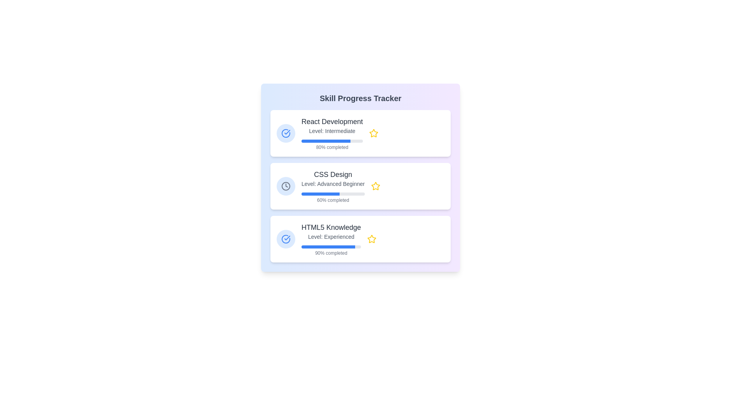  What do you see at coordinates (331, 236) in the screenshot?
I see `text label indicating the skill level "Experienced" for the skill "HTML5 Knowledge" located below the title in the box labeled "HTML5 Knowledge"` at bounding box center [331, 236].